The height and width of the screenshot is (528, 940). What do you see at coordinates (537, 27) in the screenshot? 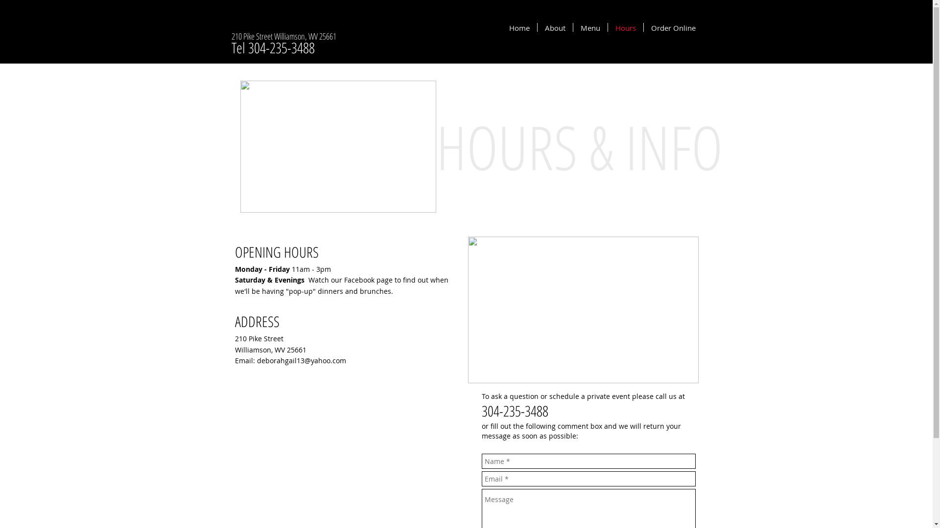
I see `'About'` at bounding box center [537, 27].